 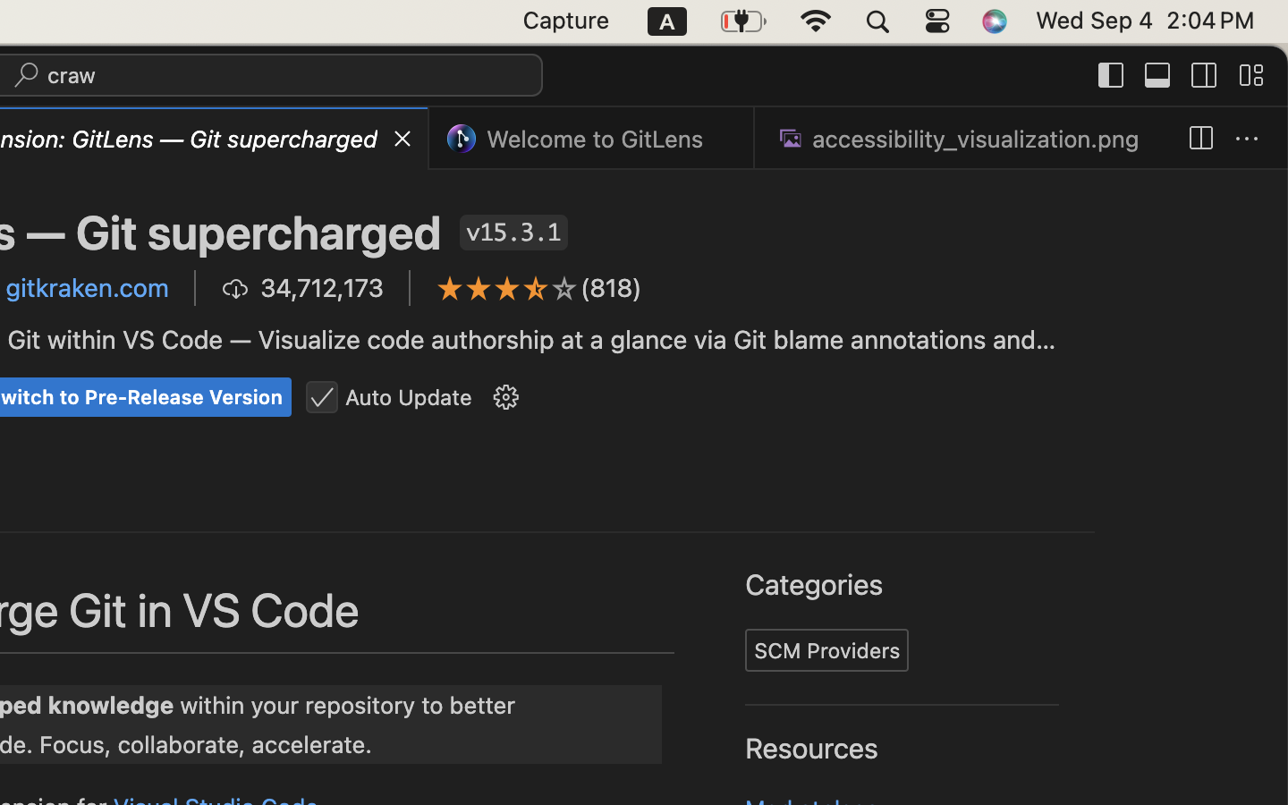 What do you see at coordinates (322, 397) in the screenshot?
I see `''` at bounding box center [322, 397].